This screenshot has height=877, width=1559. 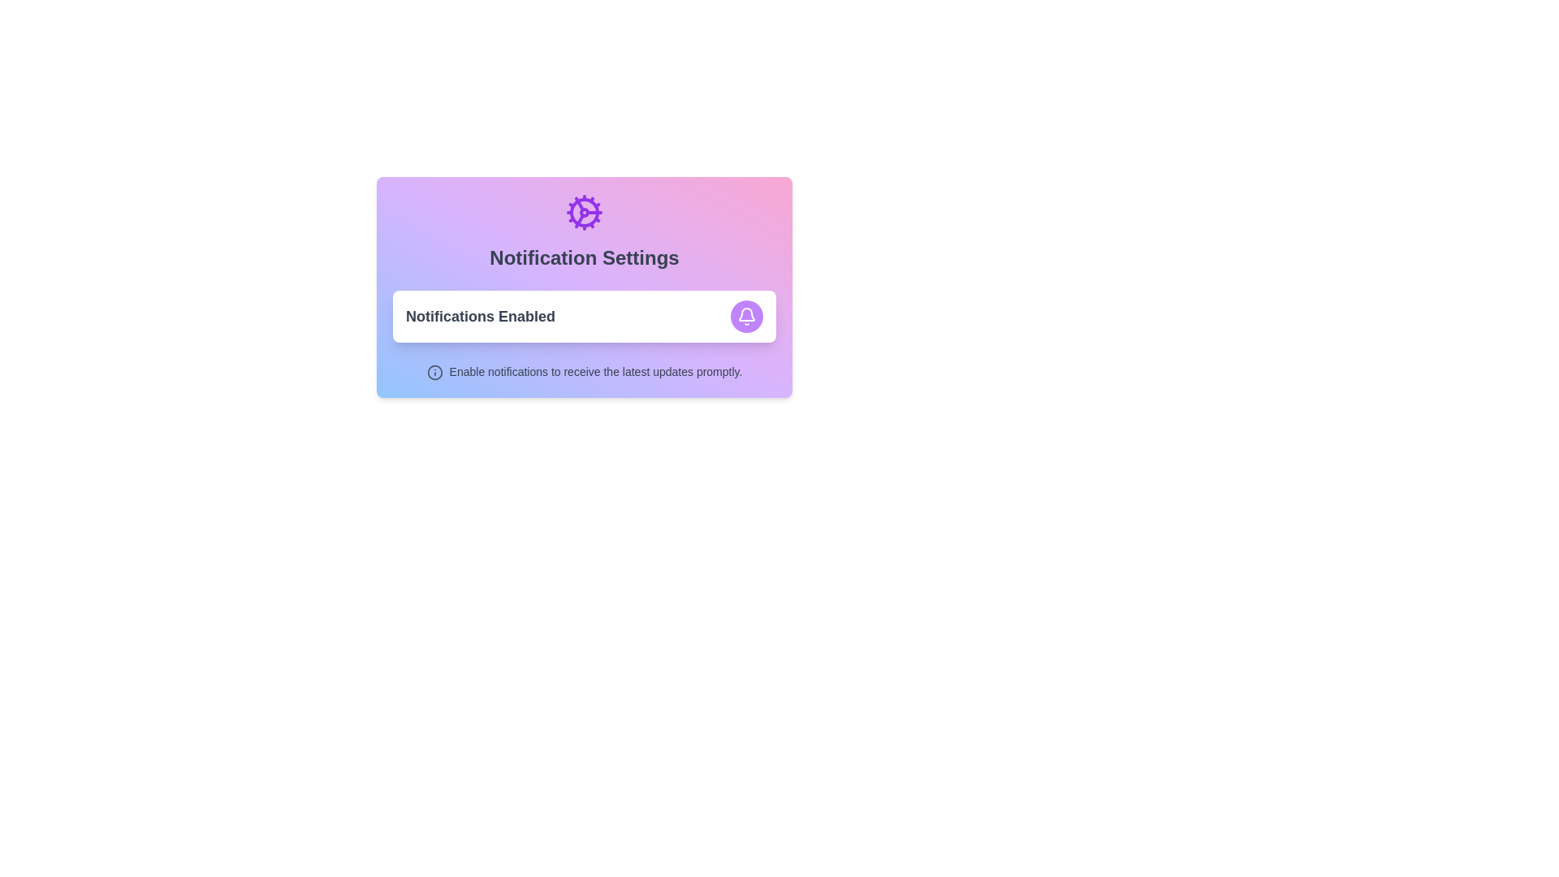 I want to click on the decorative cogwheel icon, which is purple and prominently displayed at the top center of the card layout, above the title 'Notification Settings', so click(x=585, y=212).